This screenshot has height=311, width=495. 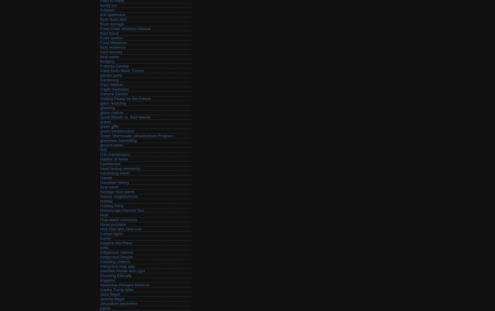 What do you see at coordinates (100, 117) in the screenshot?
I see `'Good Weeds vs. Bad Weeds'` at bounding box center [100, 117].